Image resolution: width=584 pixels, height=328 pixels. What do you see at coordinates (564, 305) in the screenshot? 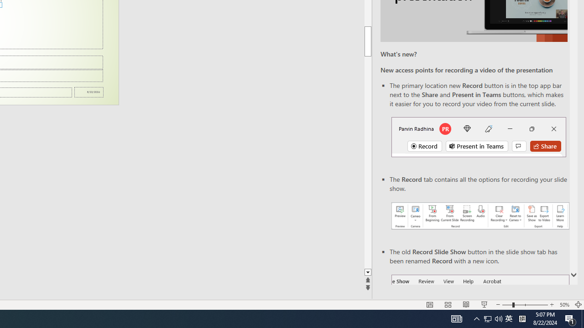
I see `'Zoom 50%'` at bounding box center [564, 305].